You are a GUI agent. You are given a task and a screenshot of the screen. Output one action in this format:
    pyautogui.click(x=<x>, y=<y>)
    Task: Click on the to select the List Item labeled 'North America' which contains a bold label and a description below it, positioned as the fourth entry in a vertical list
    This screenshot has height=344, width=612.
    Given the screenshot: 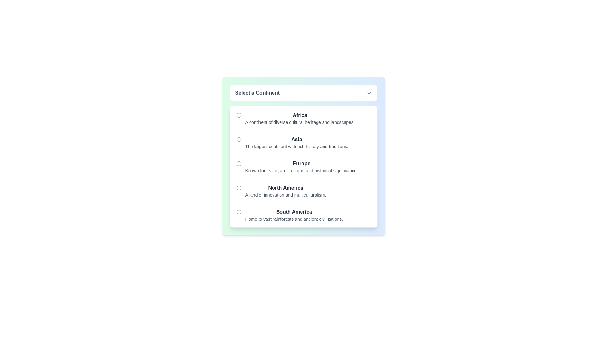 What is the action you would take?
    pyautogui.click(x=303, y=191)
    